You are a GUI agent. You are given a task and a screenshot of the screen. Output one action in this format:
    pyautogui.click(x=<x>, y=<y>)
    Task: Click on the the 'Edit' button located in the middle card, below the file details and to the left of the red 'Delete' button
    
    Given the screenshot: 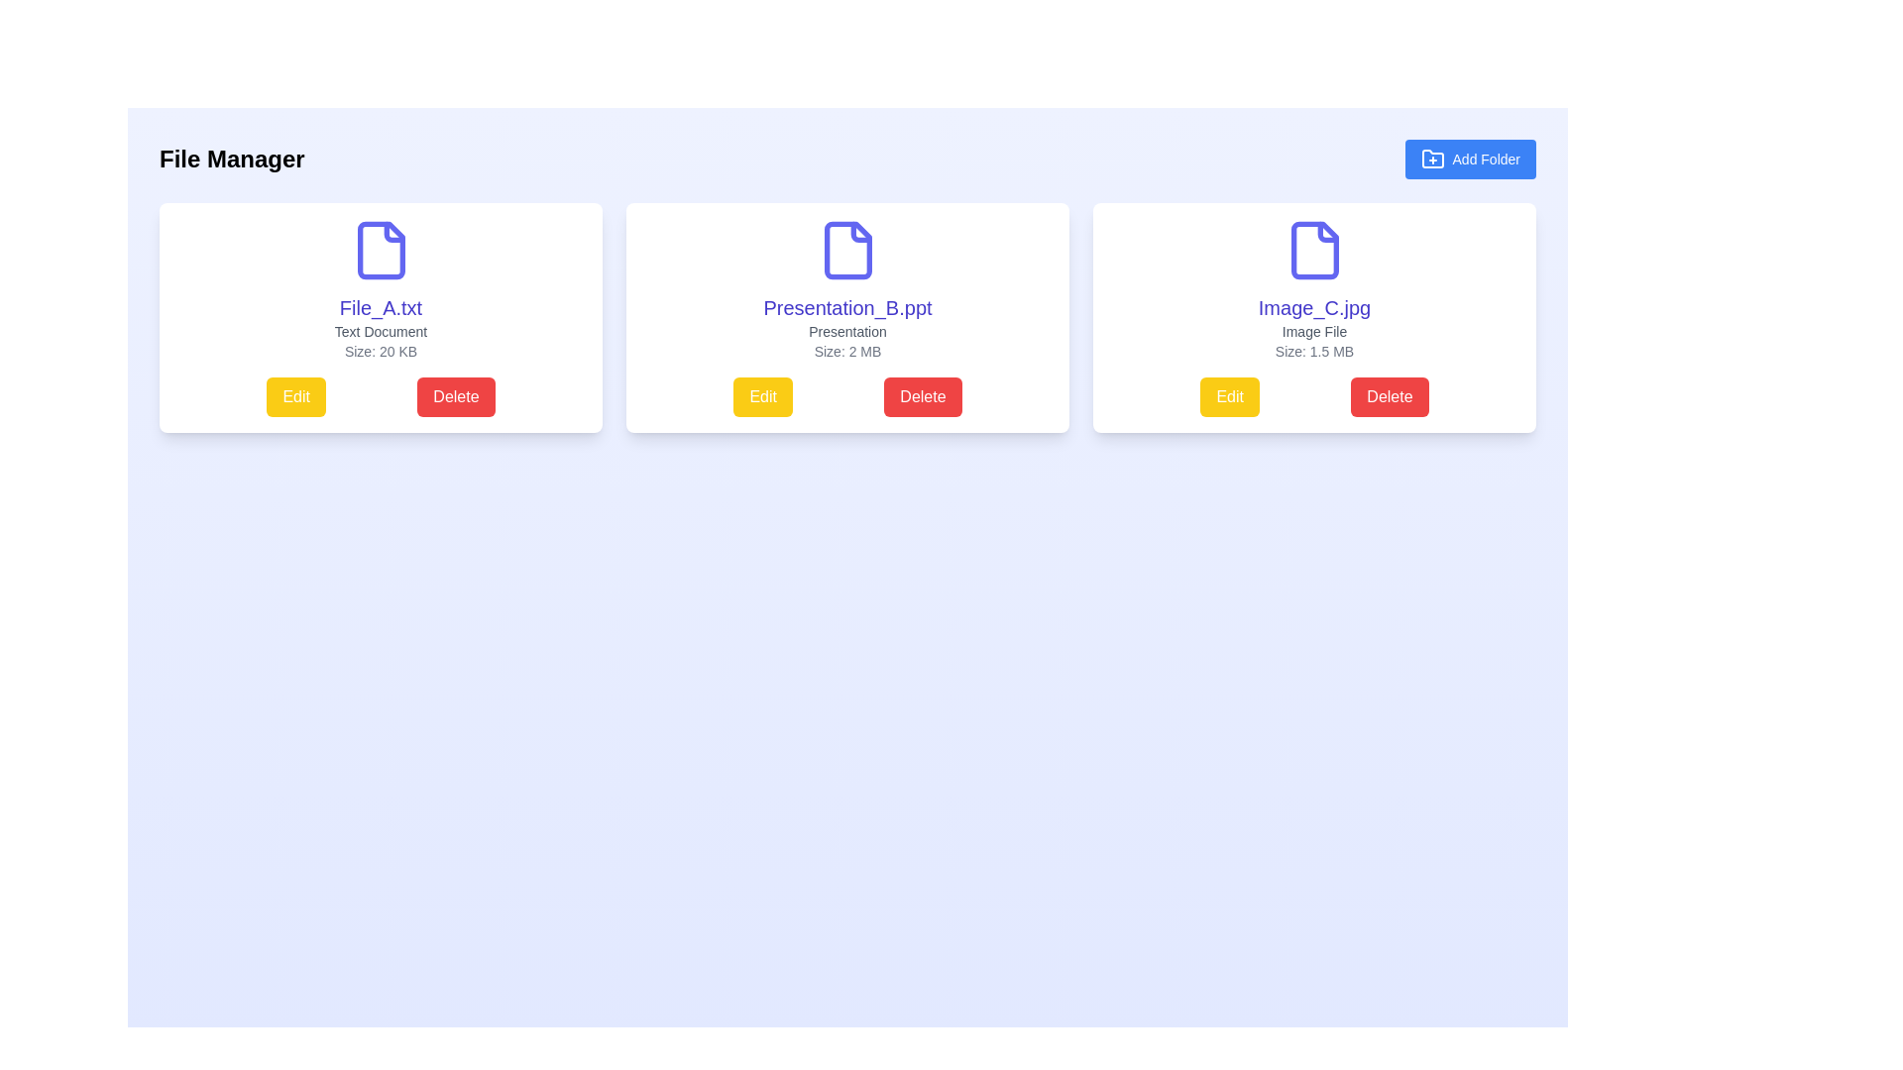 What is the action you would take?
    pyautogui.click(x=762, y=397)
    